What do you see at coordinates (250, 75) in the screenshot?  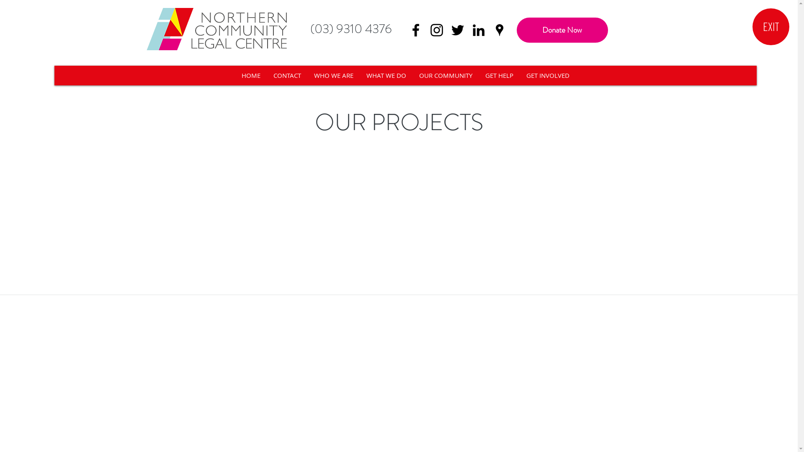 I see `'HOME'` at bounding box center [250, 75].